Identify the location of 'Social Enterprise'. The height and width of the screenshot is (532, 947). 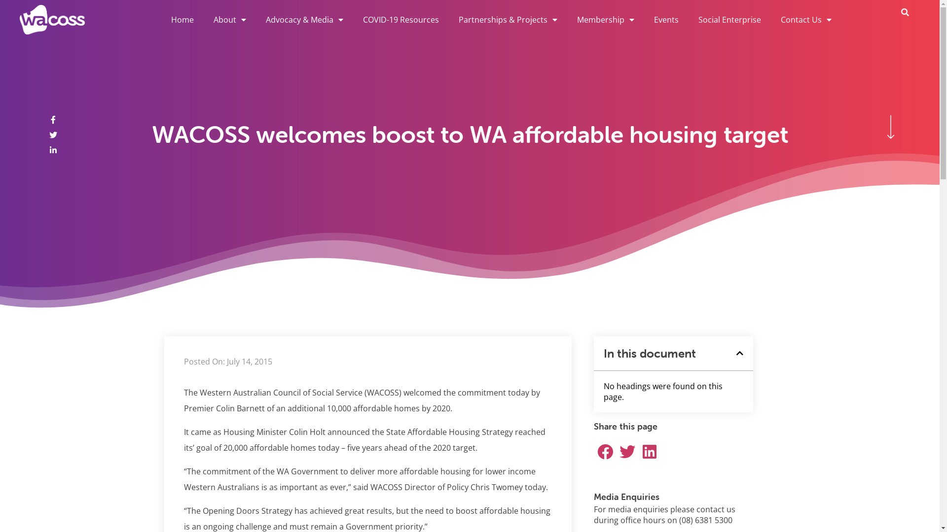
(688, 20).